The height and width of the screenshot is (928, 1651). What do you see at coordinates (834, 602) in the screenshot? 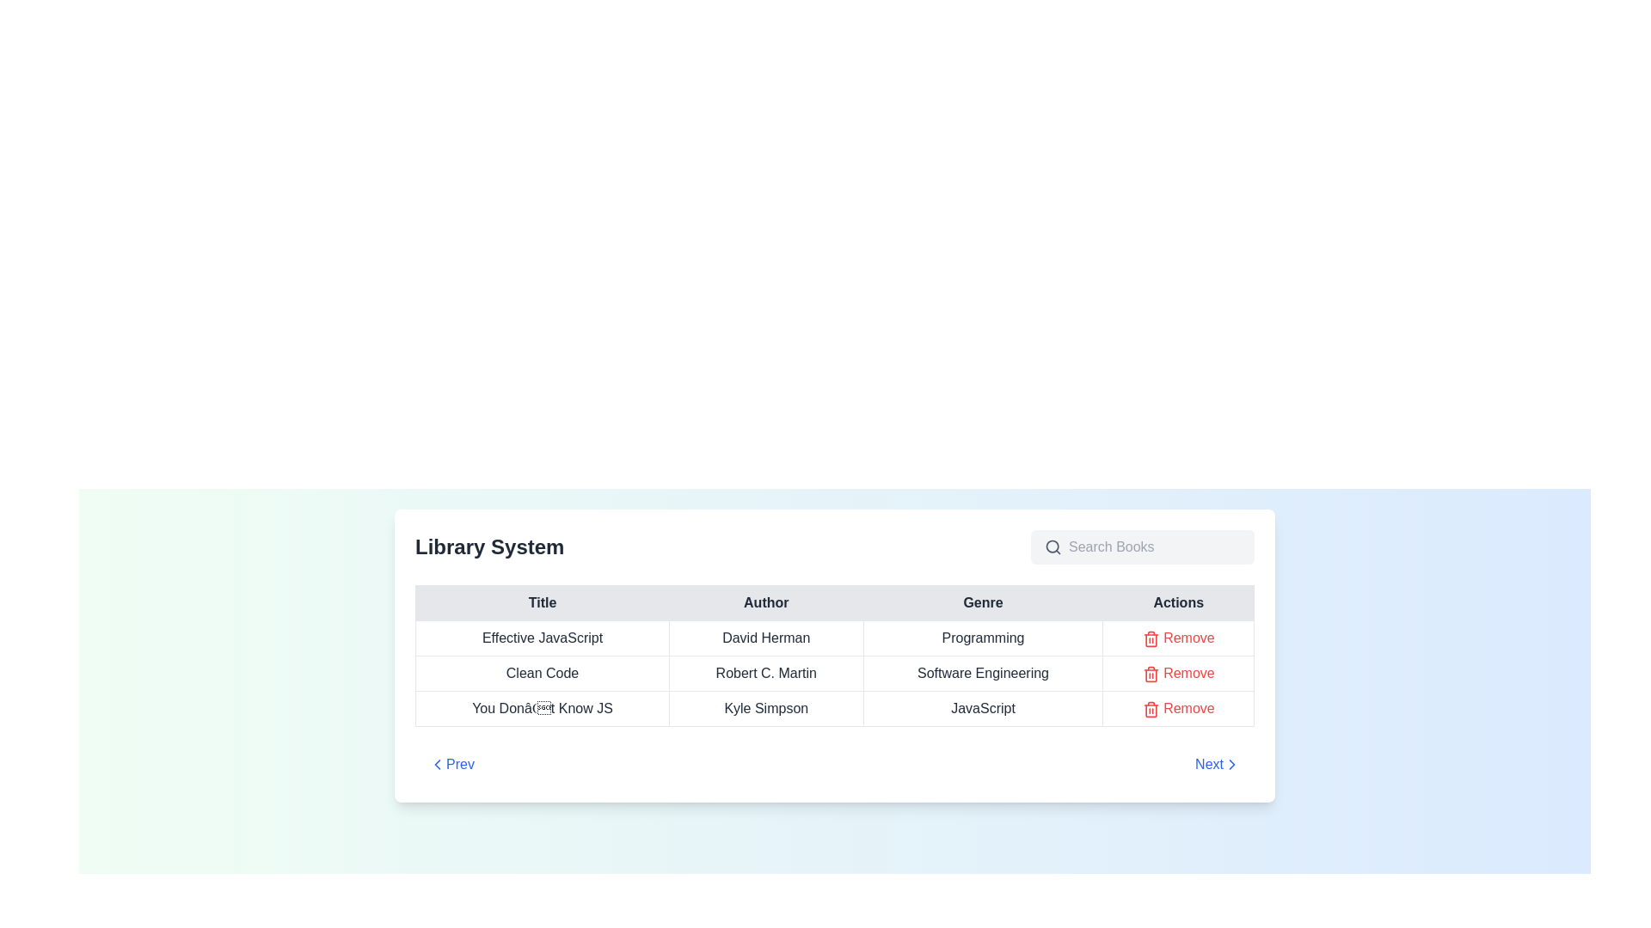
I see `the columns labeled` at bounding box center [834, 602].